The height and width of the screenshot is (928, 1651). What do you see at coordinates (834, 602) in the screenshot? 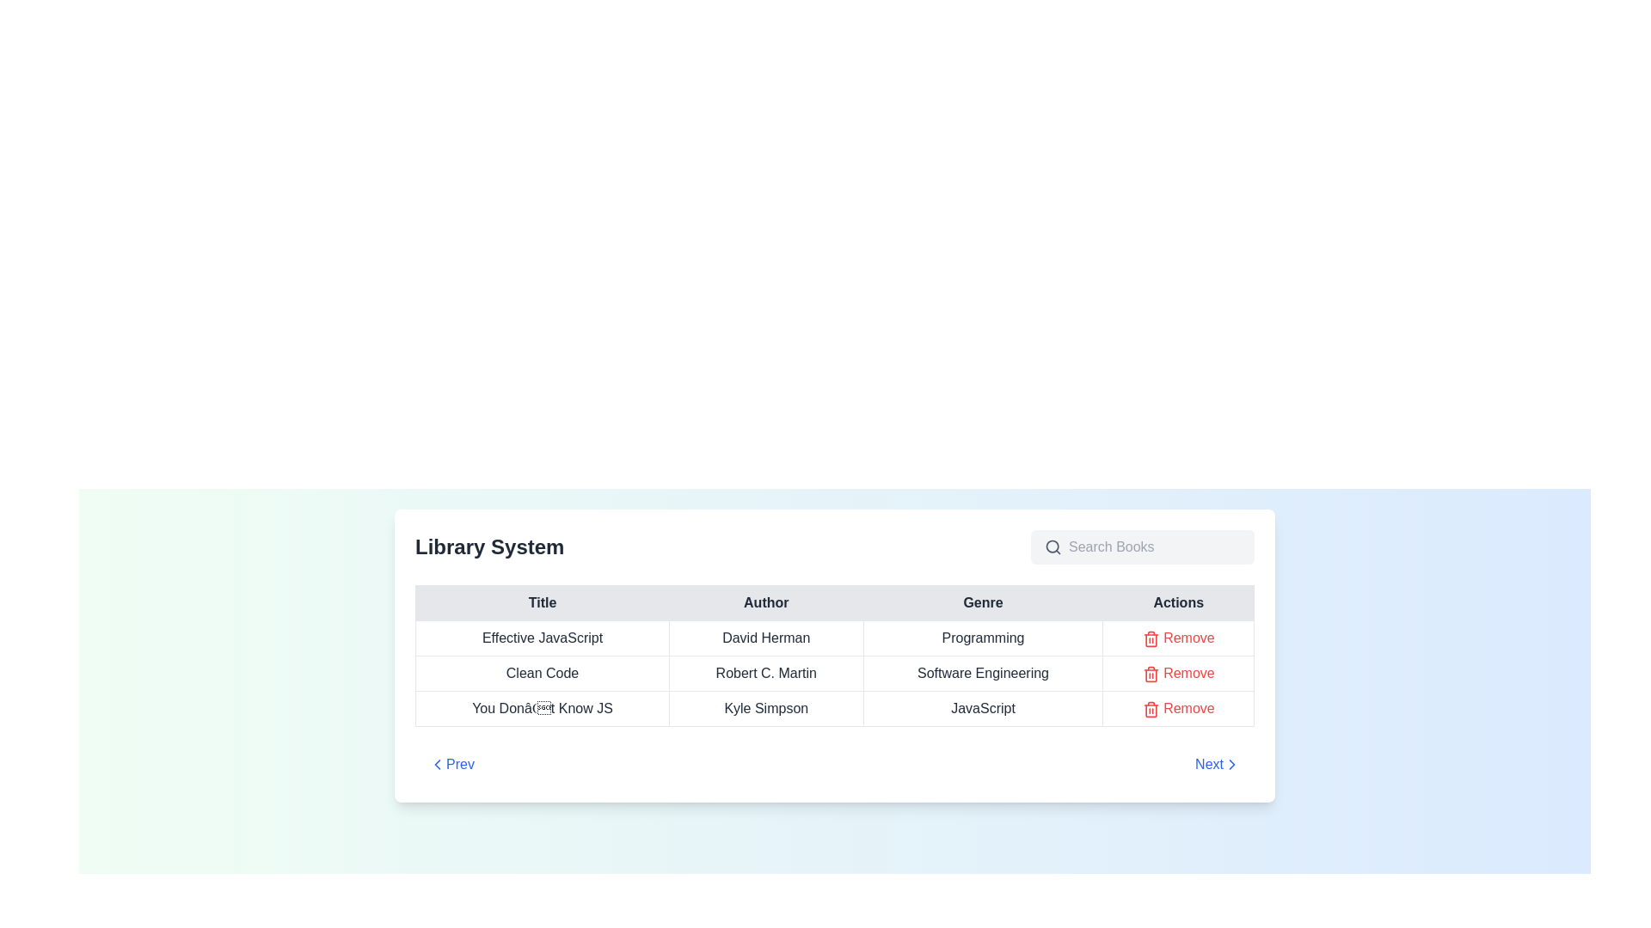
I see `the columns labeled` at bounding box center [834, 602].